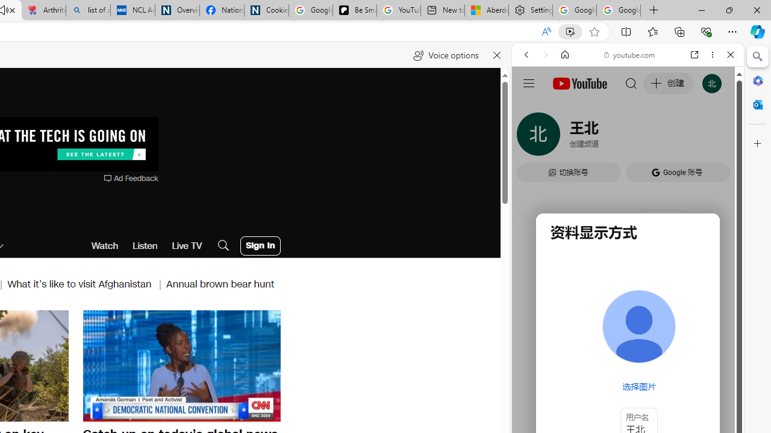 The width and height of the screenshot is (771, 433). What do you see at coordinates (145, 245) in the screenshot?
I see `'Listen'` at bounding box center [145, 245].